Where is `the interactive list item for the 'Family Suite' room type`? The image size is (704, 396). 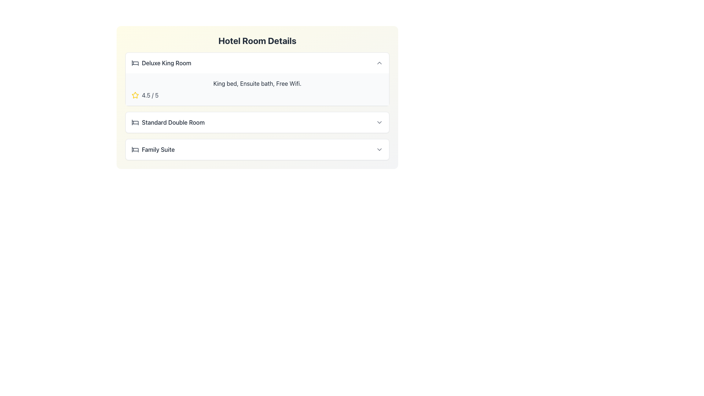
the interactive list item for the 'Family Suite' room type is located at coordinates (257, 149).